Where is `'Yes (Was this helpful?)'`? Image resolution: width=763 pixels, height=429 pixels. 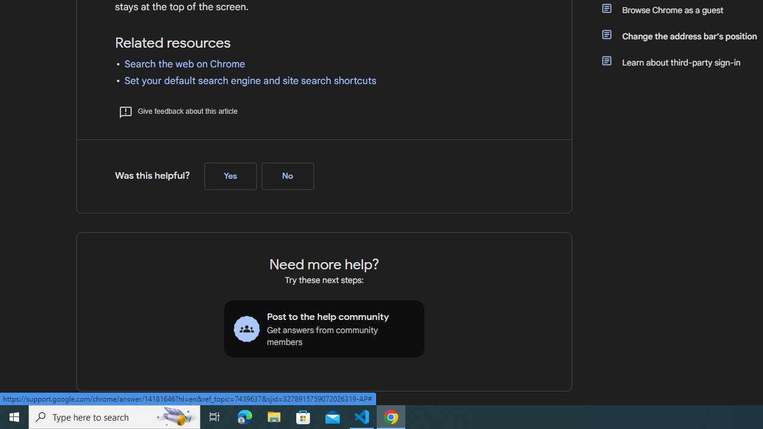 'Yes (Was this helpful?)' is located at coordinates (230, 176).